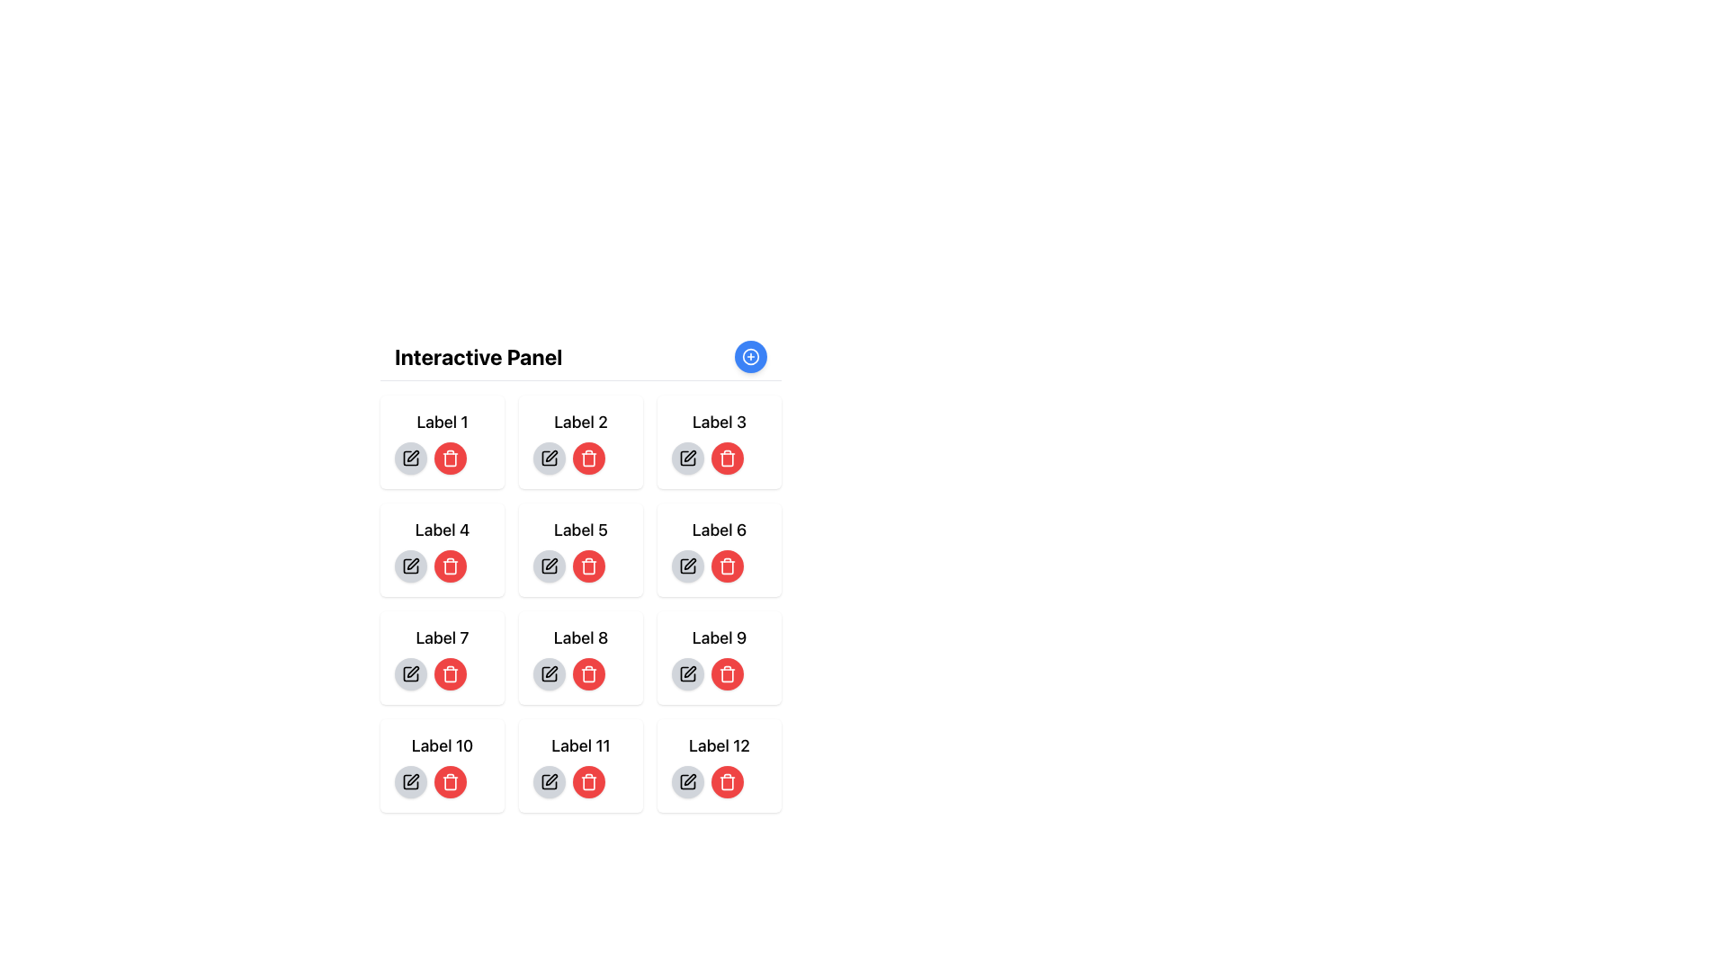  Describe the element at coordinates (412, 563) in the screenshot. I see `the iconographic edit button shaped like a pen or pencil within the cell labeled 'Label 4' in the grid layout to initiate an edit action` at that location.